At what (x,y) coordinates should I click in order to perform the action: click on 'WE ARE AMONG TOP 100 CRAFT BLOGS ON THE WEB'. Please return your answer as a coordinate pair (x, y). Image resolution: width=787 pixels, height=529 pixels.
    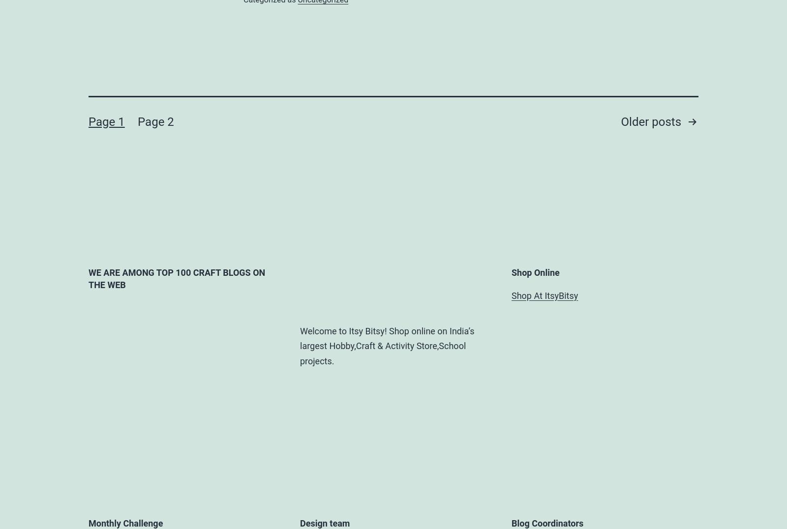
    Looking at the image, I should click on (177, 277).